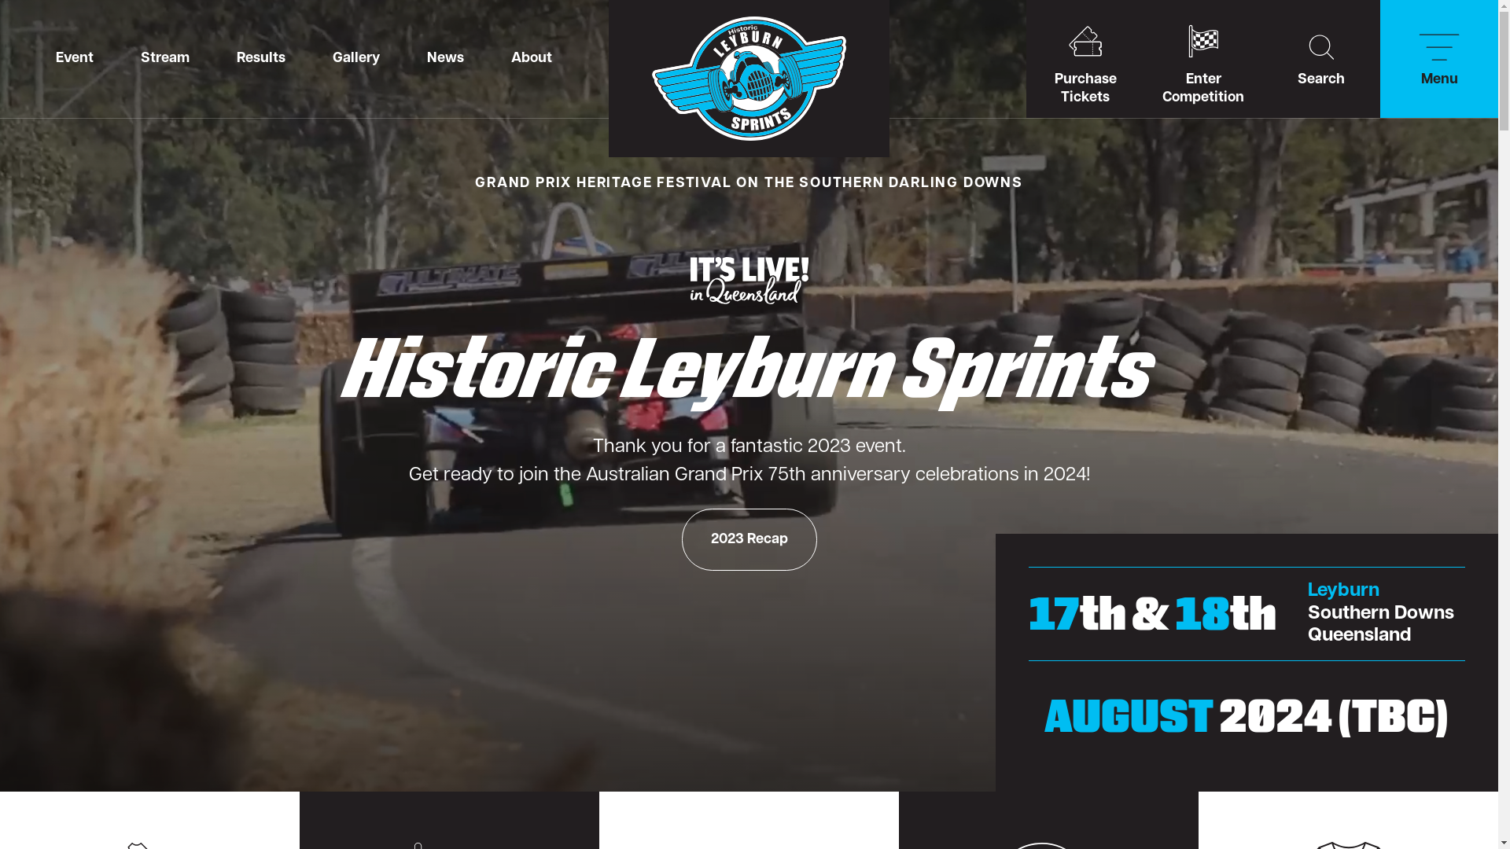 The width and height of the screenshot is (1510, 849). What do you see at coordinates (747, 538) in the screenshot?
I see `'2023 Recap'` at bounding box center [747, 538].